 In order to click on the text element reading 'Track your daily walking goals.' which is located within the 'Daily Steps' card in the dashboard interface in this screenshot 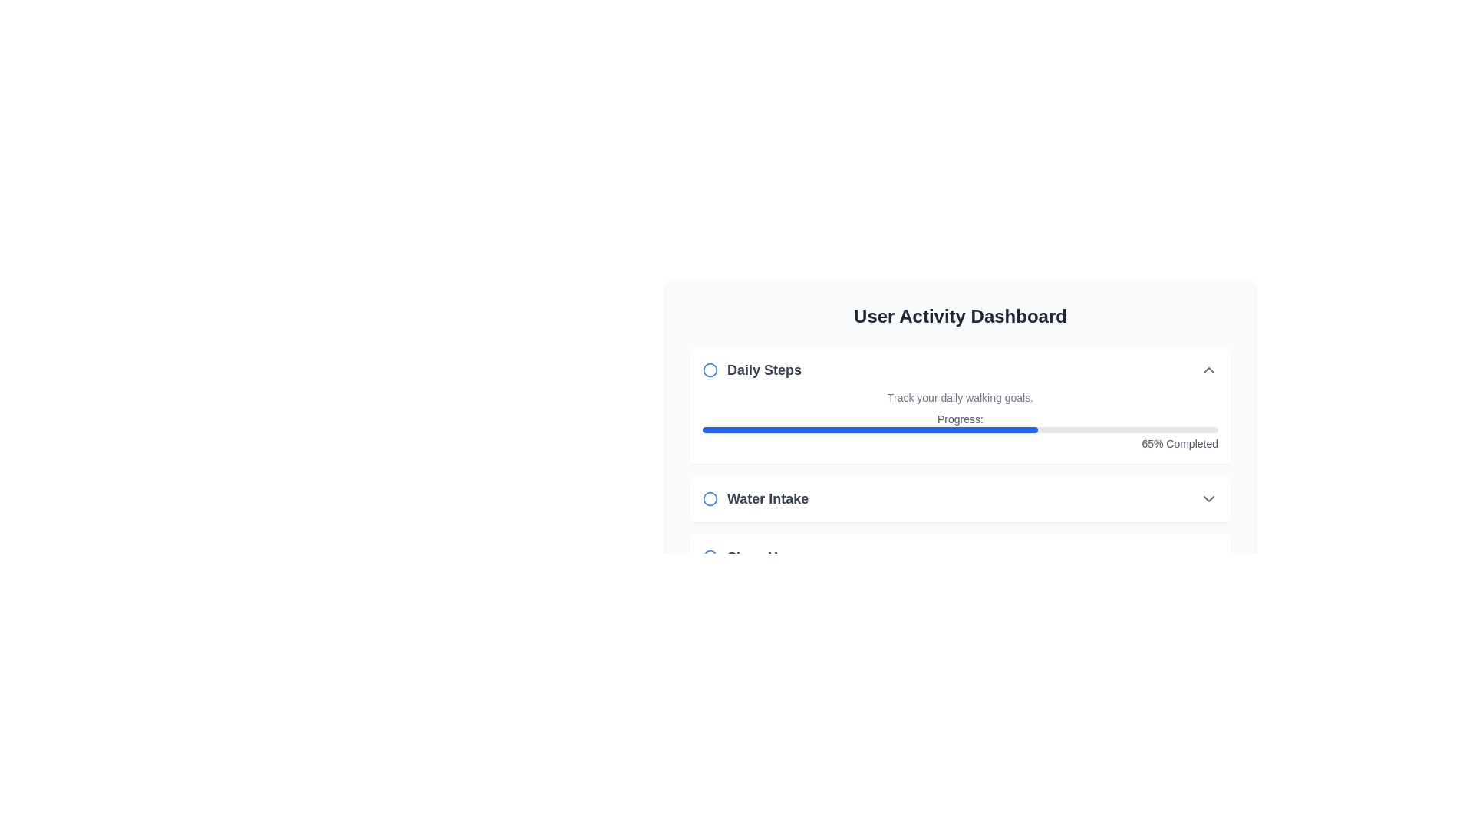, I will do `click(960, 397)`.